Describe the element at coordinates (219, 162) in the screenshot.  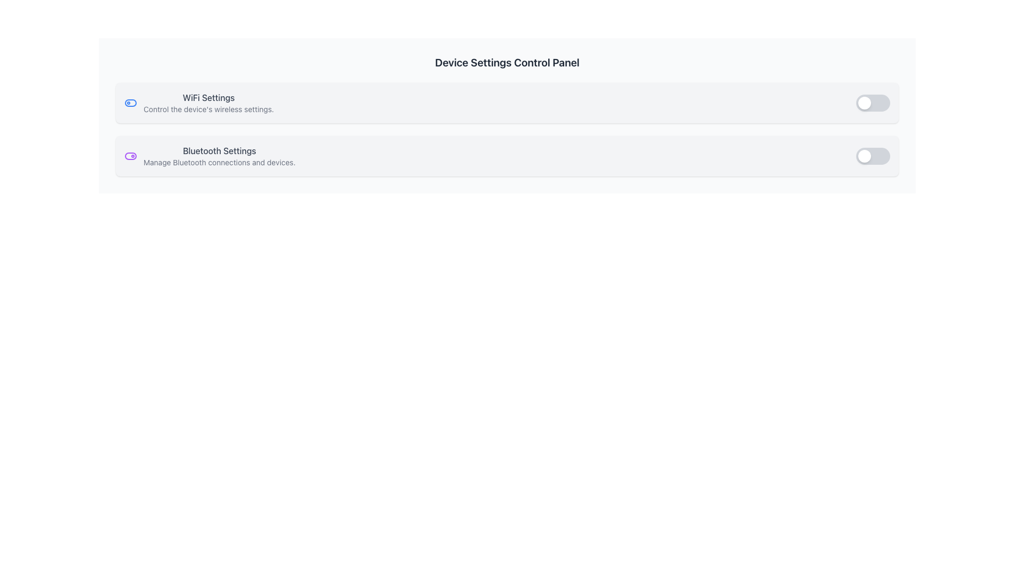
I see `the static text label that reads 'Manage Bluetooth connections and devices.', which is located directly below the 'Bluetooth Settings' heading and styled in a smaller gray font` at that location.